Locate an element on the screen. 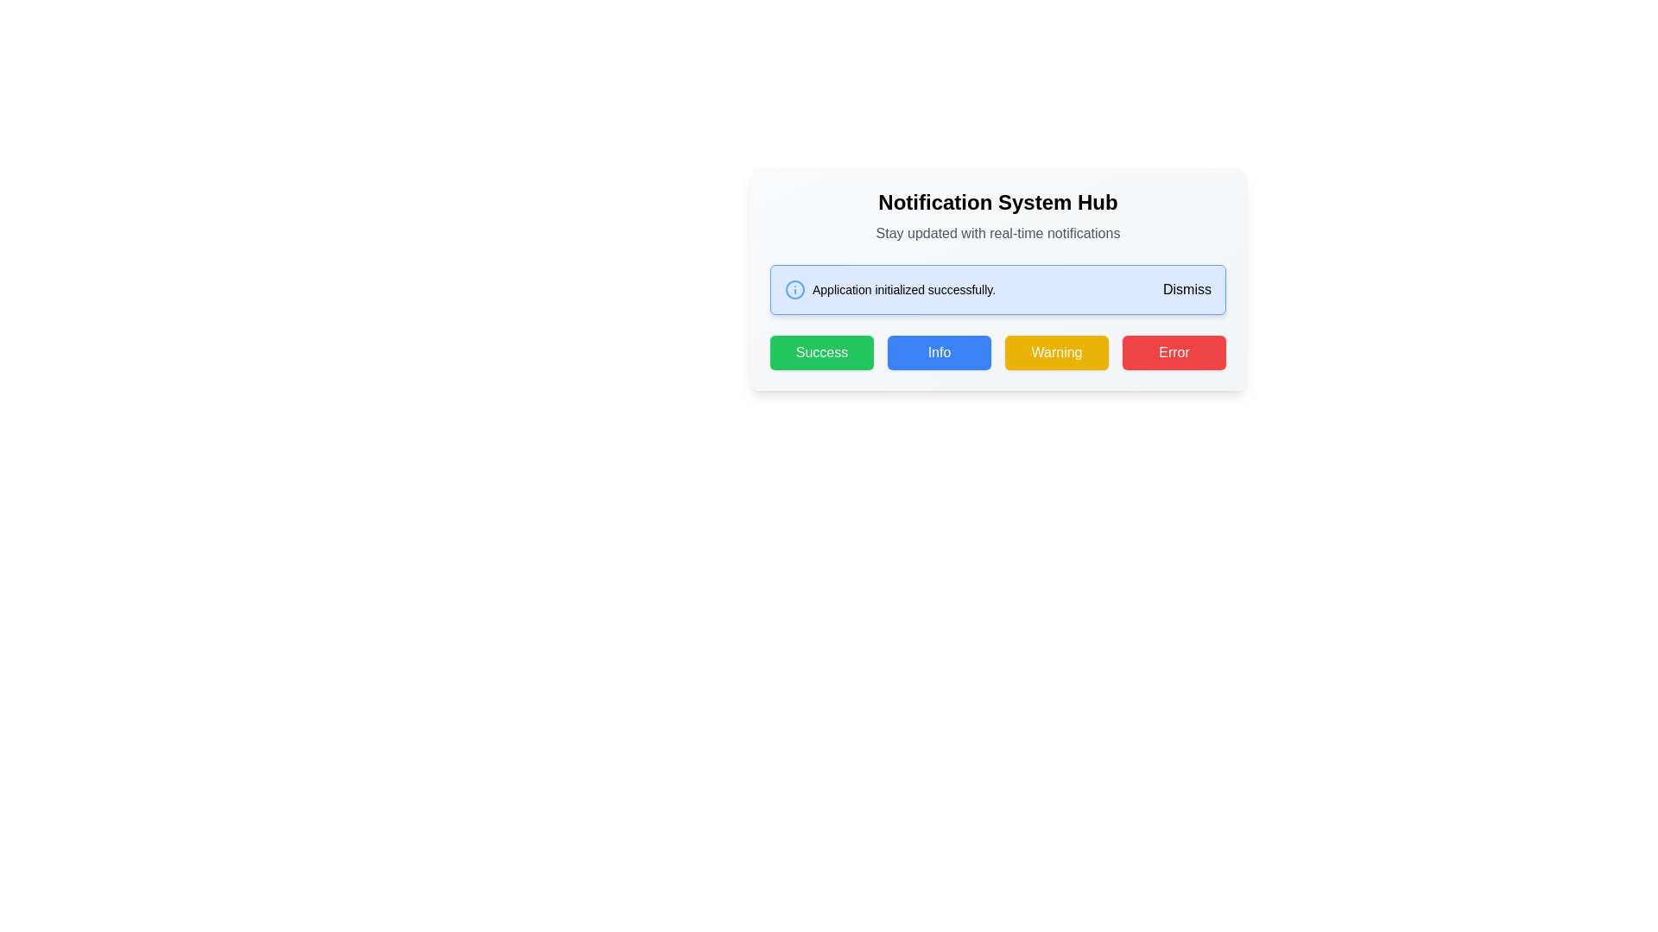 The height and width of the screenshot is (932, 1658). the 'Info' button, which is the second button is located at coordinates (939, 351).